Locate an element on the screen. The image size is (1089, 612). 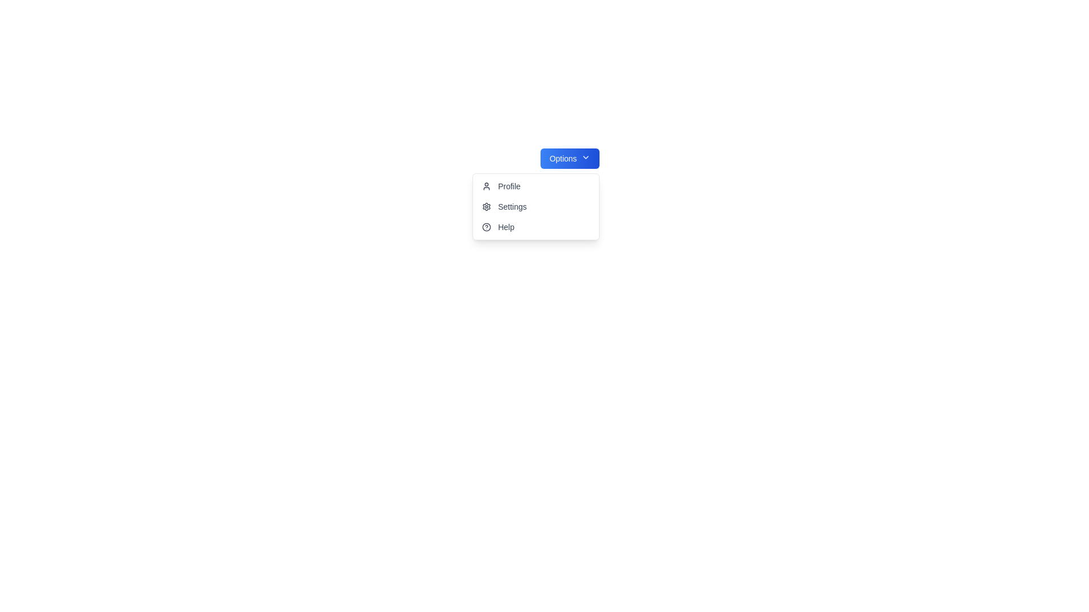
the decorative icon representing the settings functionality, which is aligned next to the 'Settings' label in the dropdown menu is located at coordinates (487, 207).